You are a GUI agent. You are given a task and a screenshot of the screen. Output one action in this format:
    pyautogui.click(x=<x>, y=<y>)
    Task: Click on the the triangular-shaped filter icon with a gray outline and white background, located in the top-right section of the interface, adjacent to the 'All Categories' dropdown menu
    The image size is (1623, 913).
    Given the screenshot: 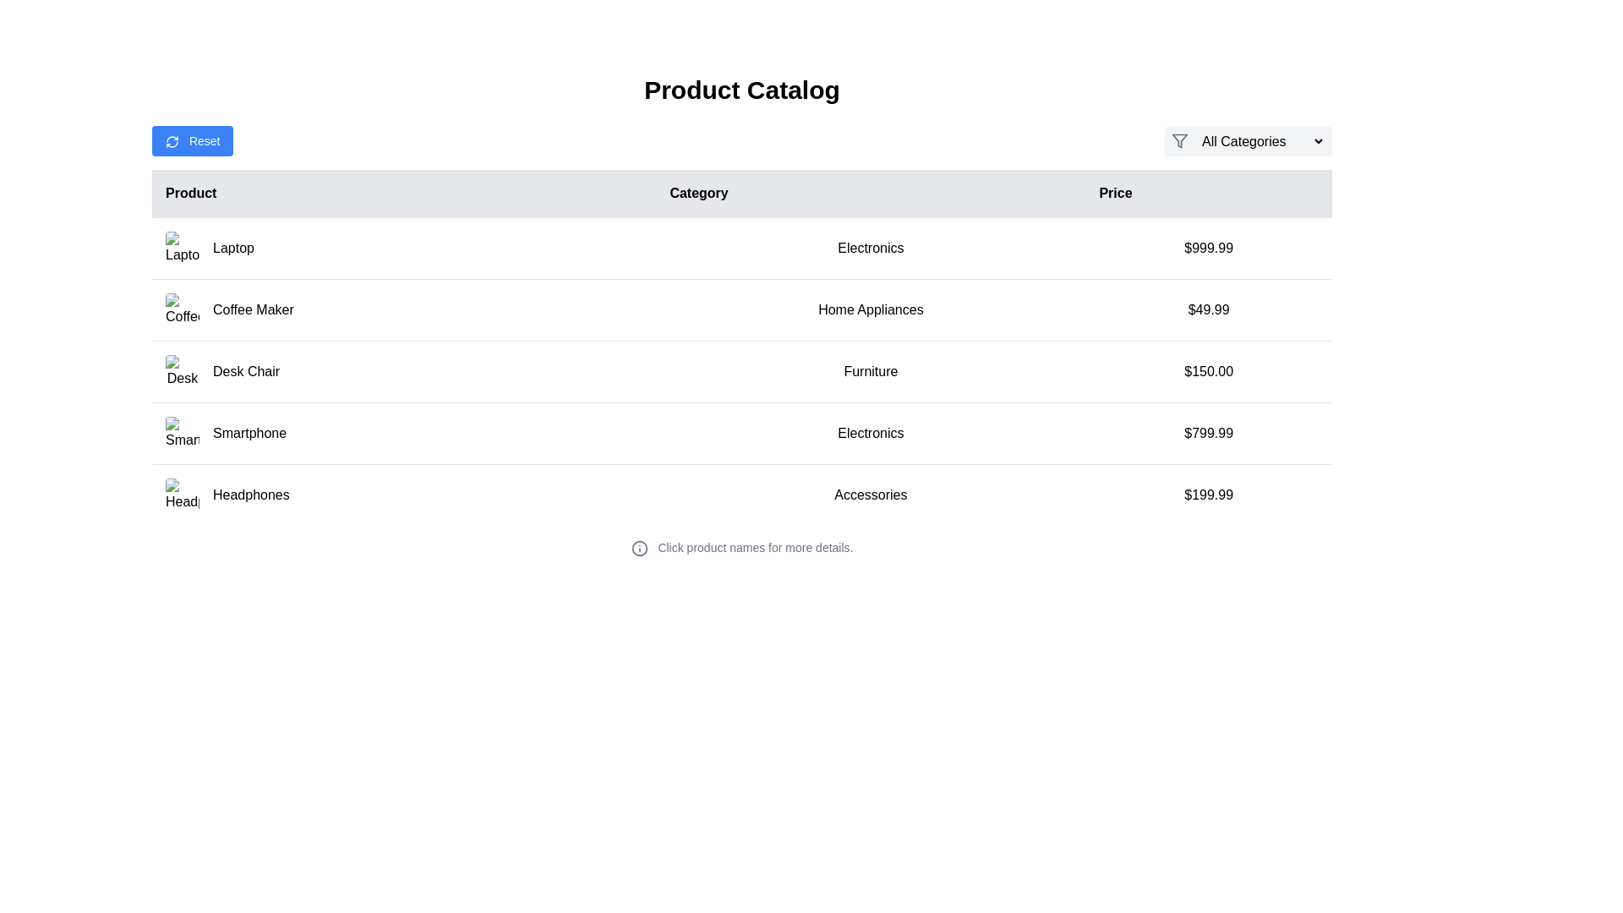 What is the action you would take?
    pyautogui.click(x=1179, y=139)
    